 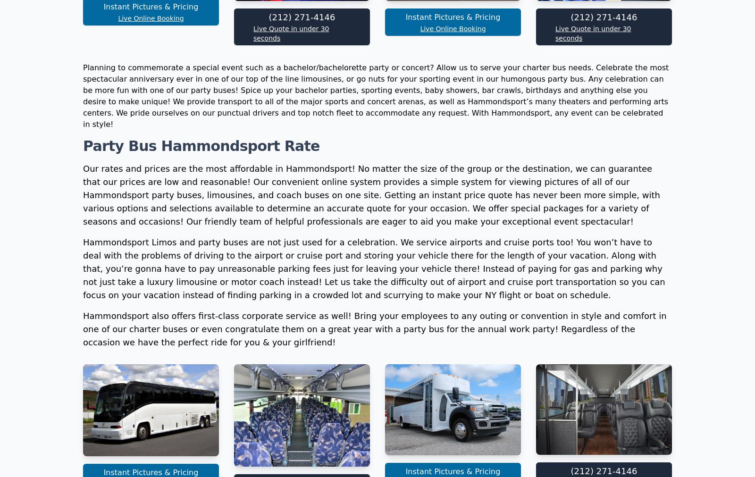 I want to click on 'Planning to commemorate a special event such as a bachelor/bachelorette party or concert? Allow us to serve your charter bus needs. Celebrate the most spectacular anniversary ever in one of our top of the line limousines, or go nuts for your sporting event in our humongous party bus. Any celebration can be more fun with one of our party buses! Spice up your bachelor parties, sporting events, baby showers, bar crawls, birthdays and anything else you desire to make unique! We provide transport to all of the major sports and concert arenas, as well as Hammondsport’s many theaters and performing arts centers. We pride ourselves on our punctual drivers and top notch fleet to accommodate any request. With Hammondsport, any event can be celebrated in style!', so click(x=376, y=221).